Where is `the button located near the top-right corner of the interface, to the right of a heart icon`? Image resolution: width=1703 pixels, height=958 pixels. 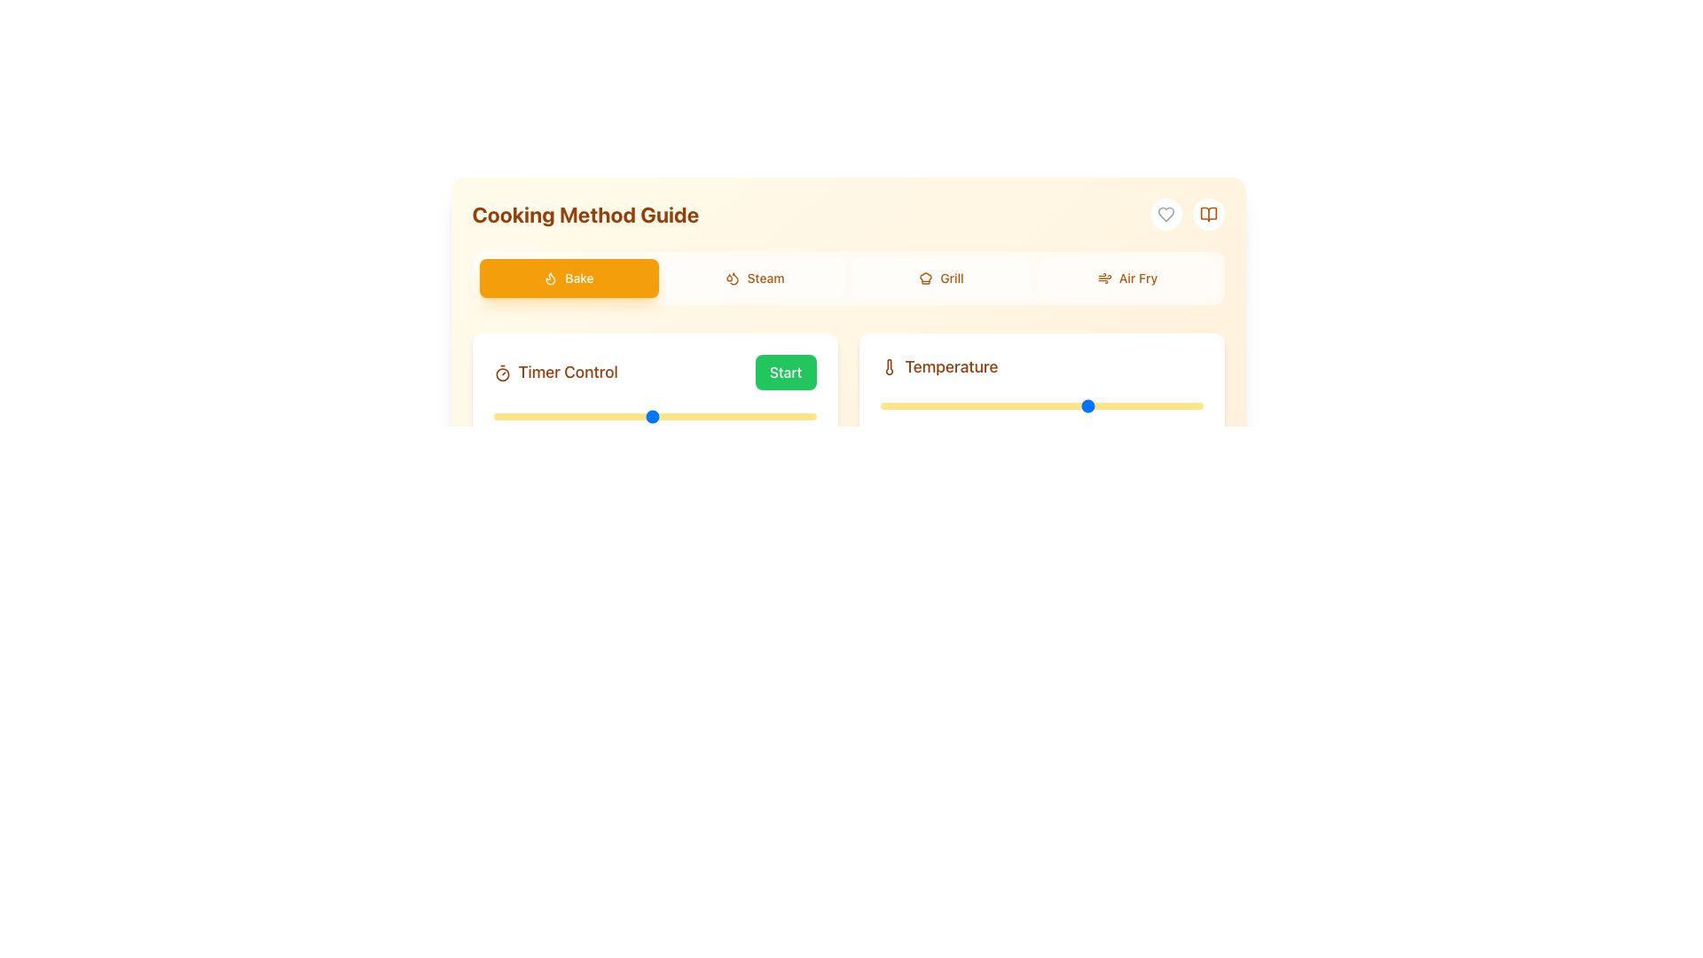
the button located near the top-right corner of the interface, to the right of a heart icon is located at coordinates (1207, 214).